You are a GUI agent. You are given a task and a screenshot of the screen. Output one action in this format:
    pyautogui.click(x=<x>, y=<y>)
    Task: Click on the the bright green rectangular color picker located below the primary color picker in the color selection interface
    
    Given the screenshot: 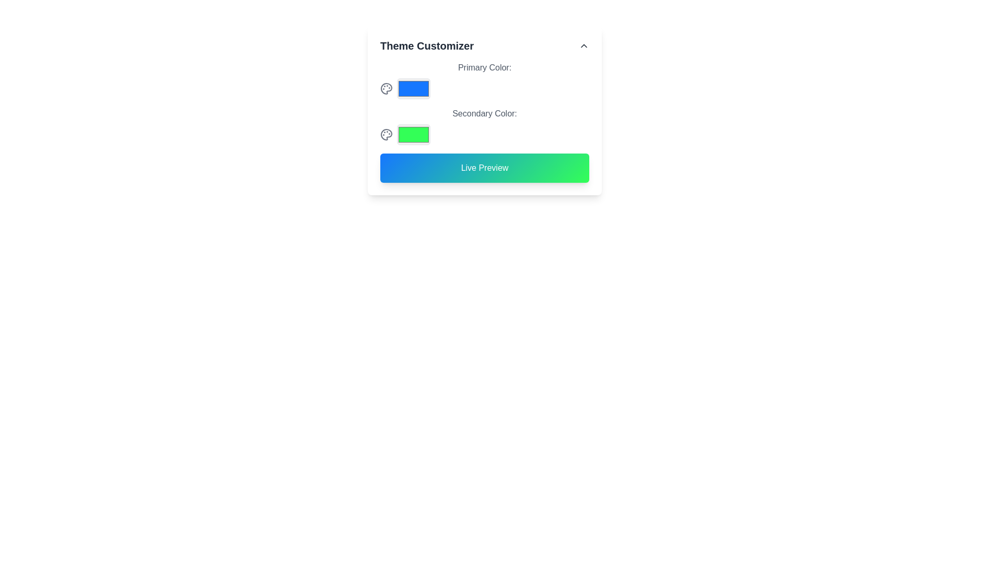 What is the action you would take?
    pyautogui.click(x=413, y=134)
    